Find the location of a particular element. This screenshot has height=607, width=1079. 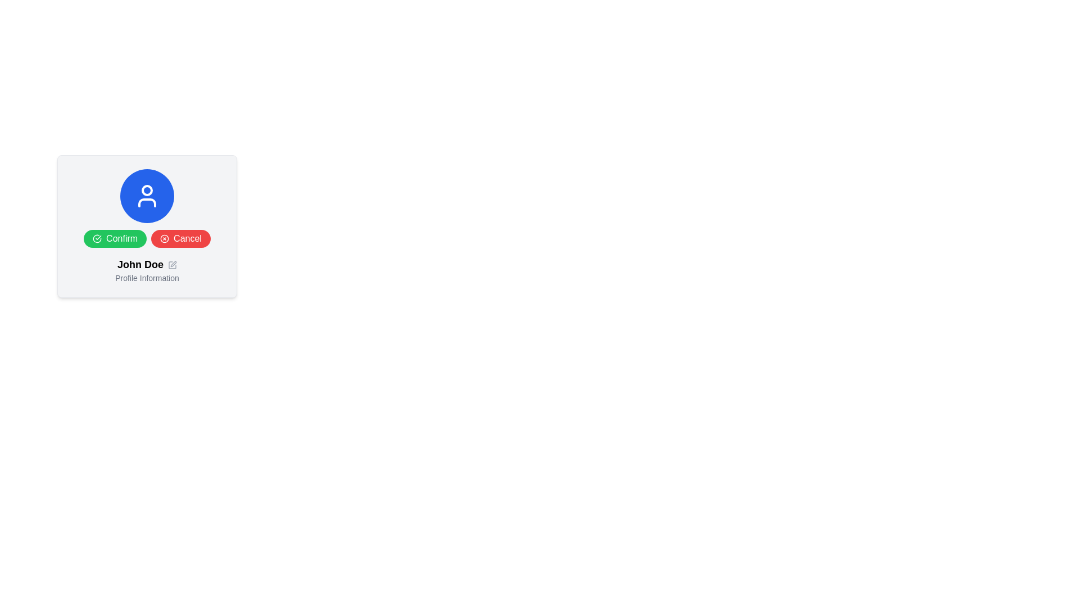

the name 'John Doe' displayed in bold, large font is located at coordinates (147, 270).